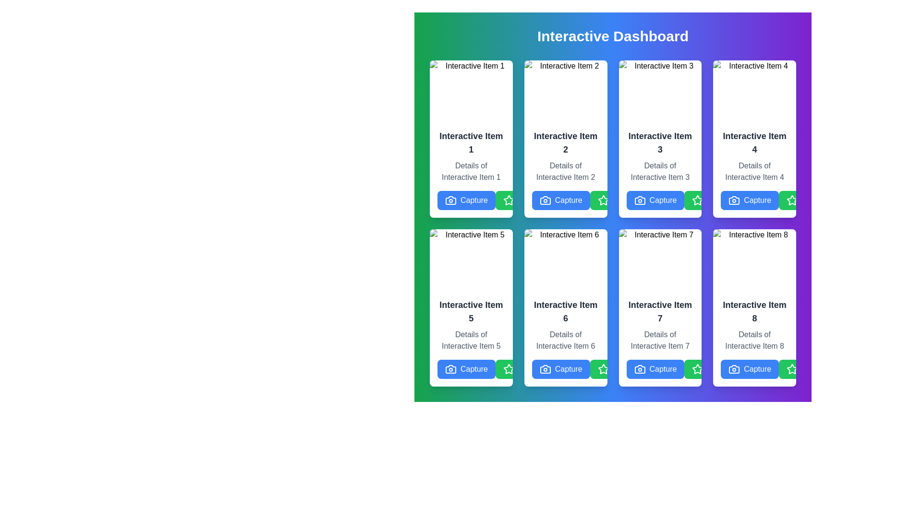 The width and height of the screenshot is (922, 518). I want to click on the camera icon, which is a silhouette shape resembling a camera with a lens, located in the bottom-left corner of the interactive item card near the text 'Capture', so click(450, 200).